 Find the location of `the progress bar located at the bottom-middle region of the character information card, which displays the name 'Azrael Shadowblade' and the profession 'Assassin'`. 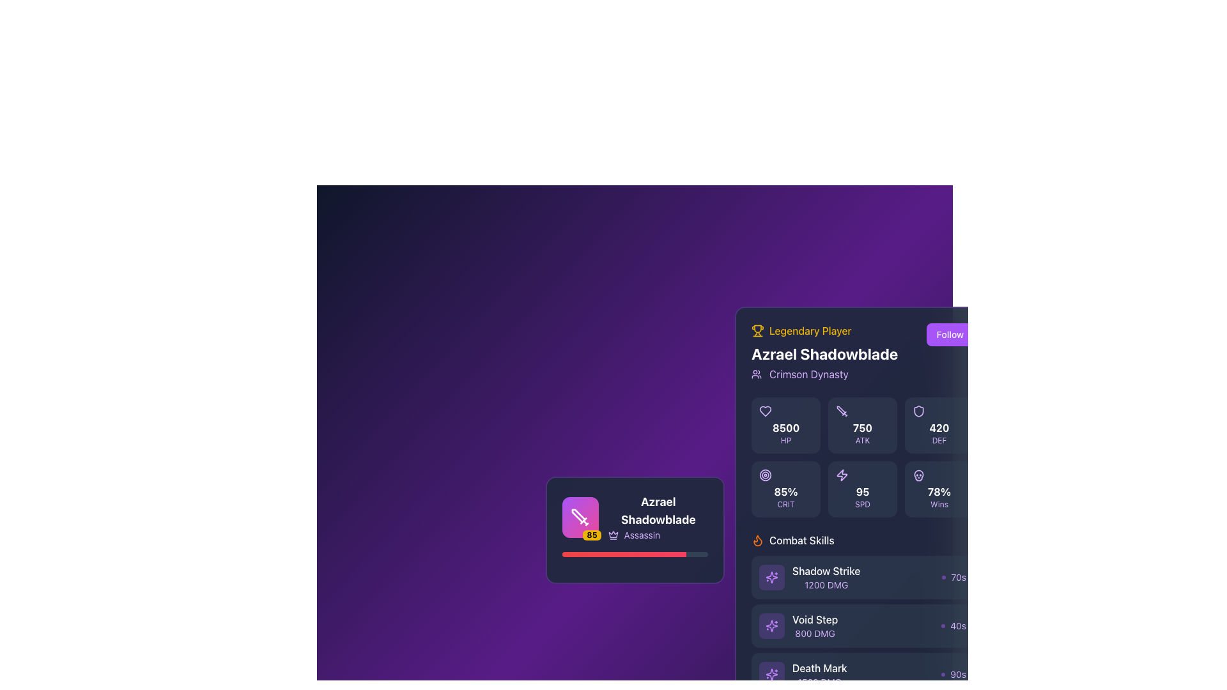

the progress bar located at the bottom-middle region of the character information card, which displays the name 'Azrael Shadowblade' and the profession 'Assassin' is located at coordinates (635, 553).